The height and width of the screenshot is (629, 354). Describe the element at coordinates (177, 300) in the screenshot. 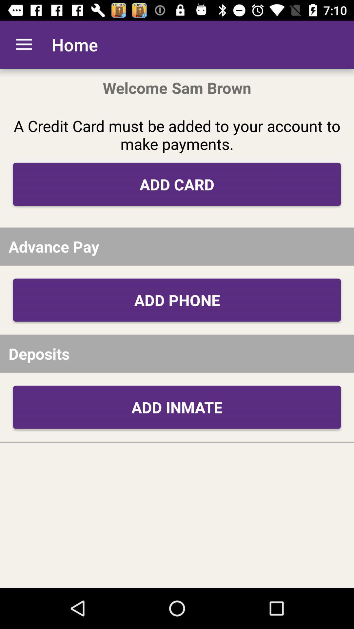

I see `add phone item` at that location.